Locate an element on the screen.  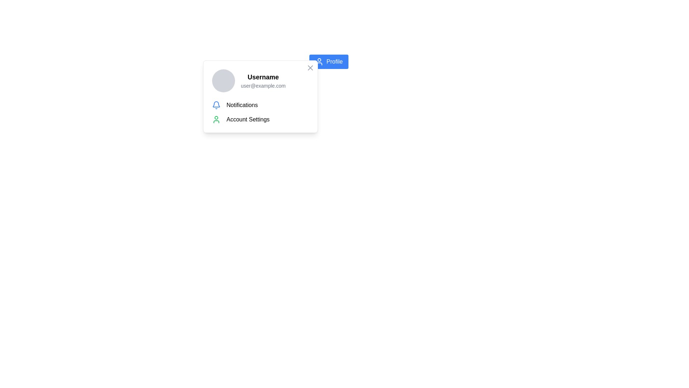
the bell icon, which serves as a visual indicator for accessing notifications and is located to the left of the text 'Notifications' in the dropdown panel is located at coordinates (216, 105).